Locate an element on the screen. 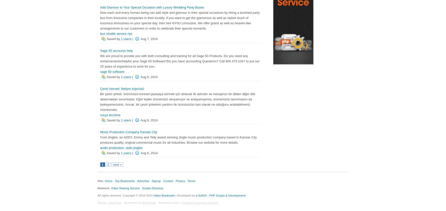  'Site:' is located at coordinates (100, 181).